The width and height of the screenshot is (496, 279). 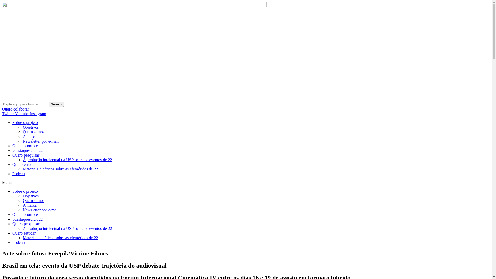 I want to click on 'Instagram', so click(x=29, y=113).